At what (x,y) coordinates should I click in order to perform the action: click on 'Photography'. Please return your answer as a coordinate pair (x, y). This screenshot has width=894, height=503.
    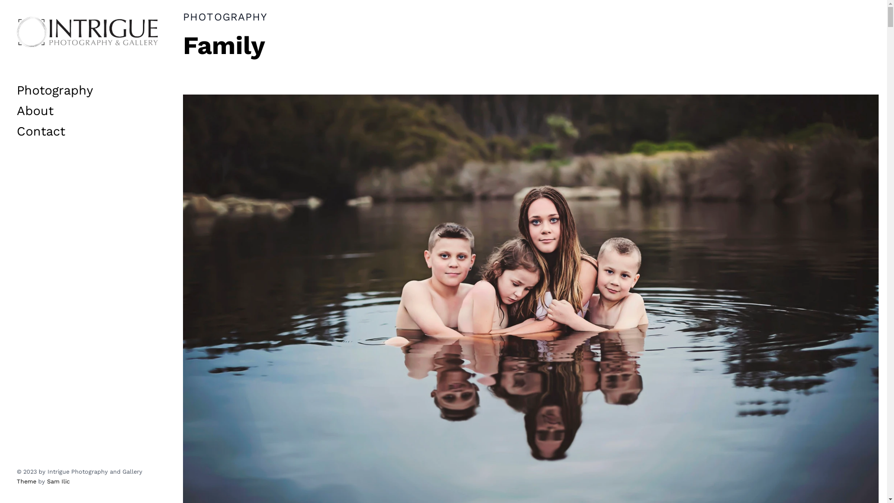
    Looking at the image, I should click on (16, 90).